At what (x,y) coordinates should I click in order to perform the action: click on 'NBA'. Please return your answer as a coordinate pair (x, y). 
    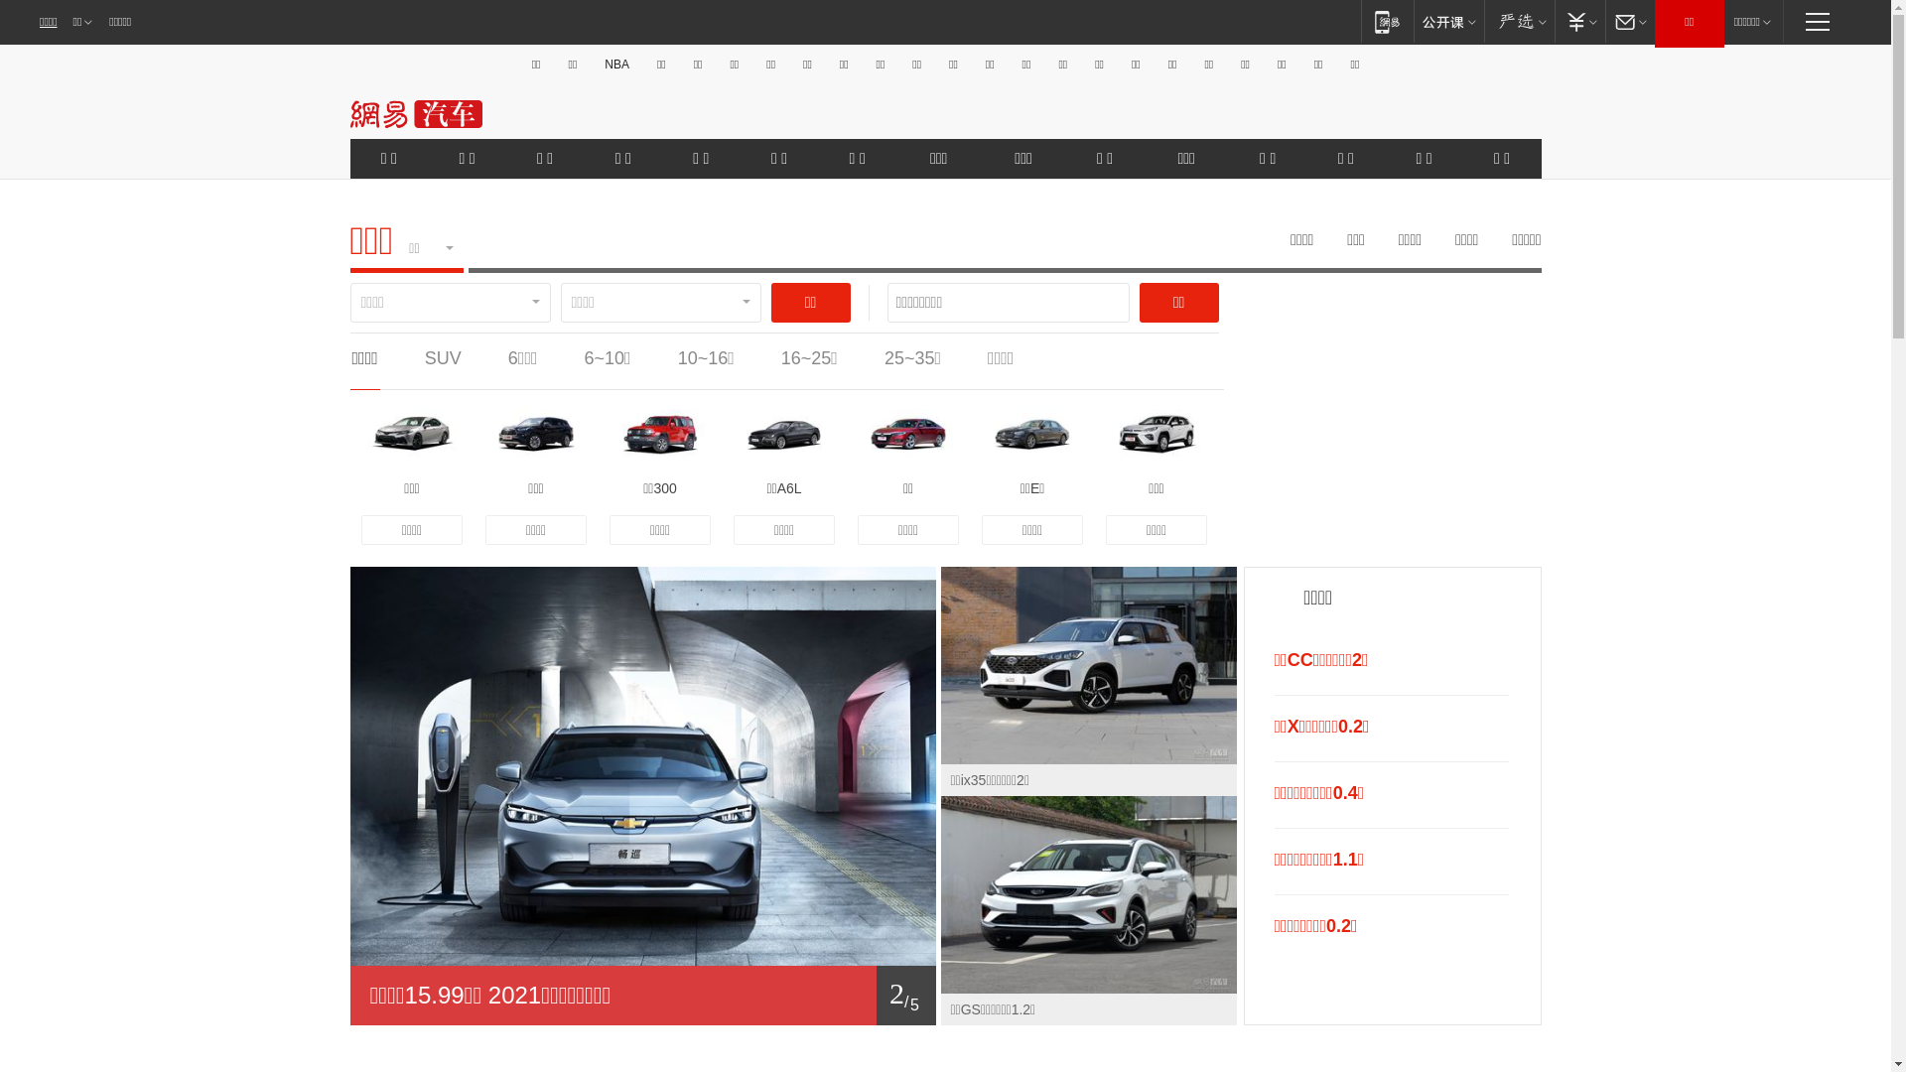
    Looking at the image, I should click on (615, 64).